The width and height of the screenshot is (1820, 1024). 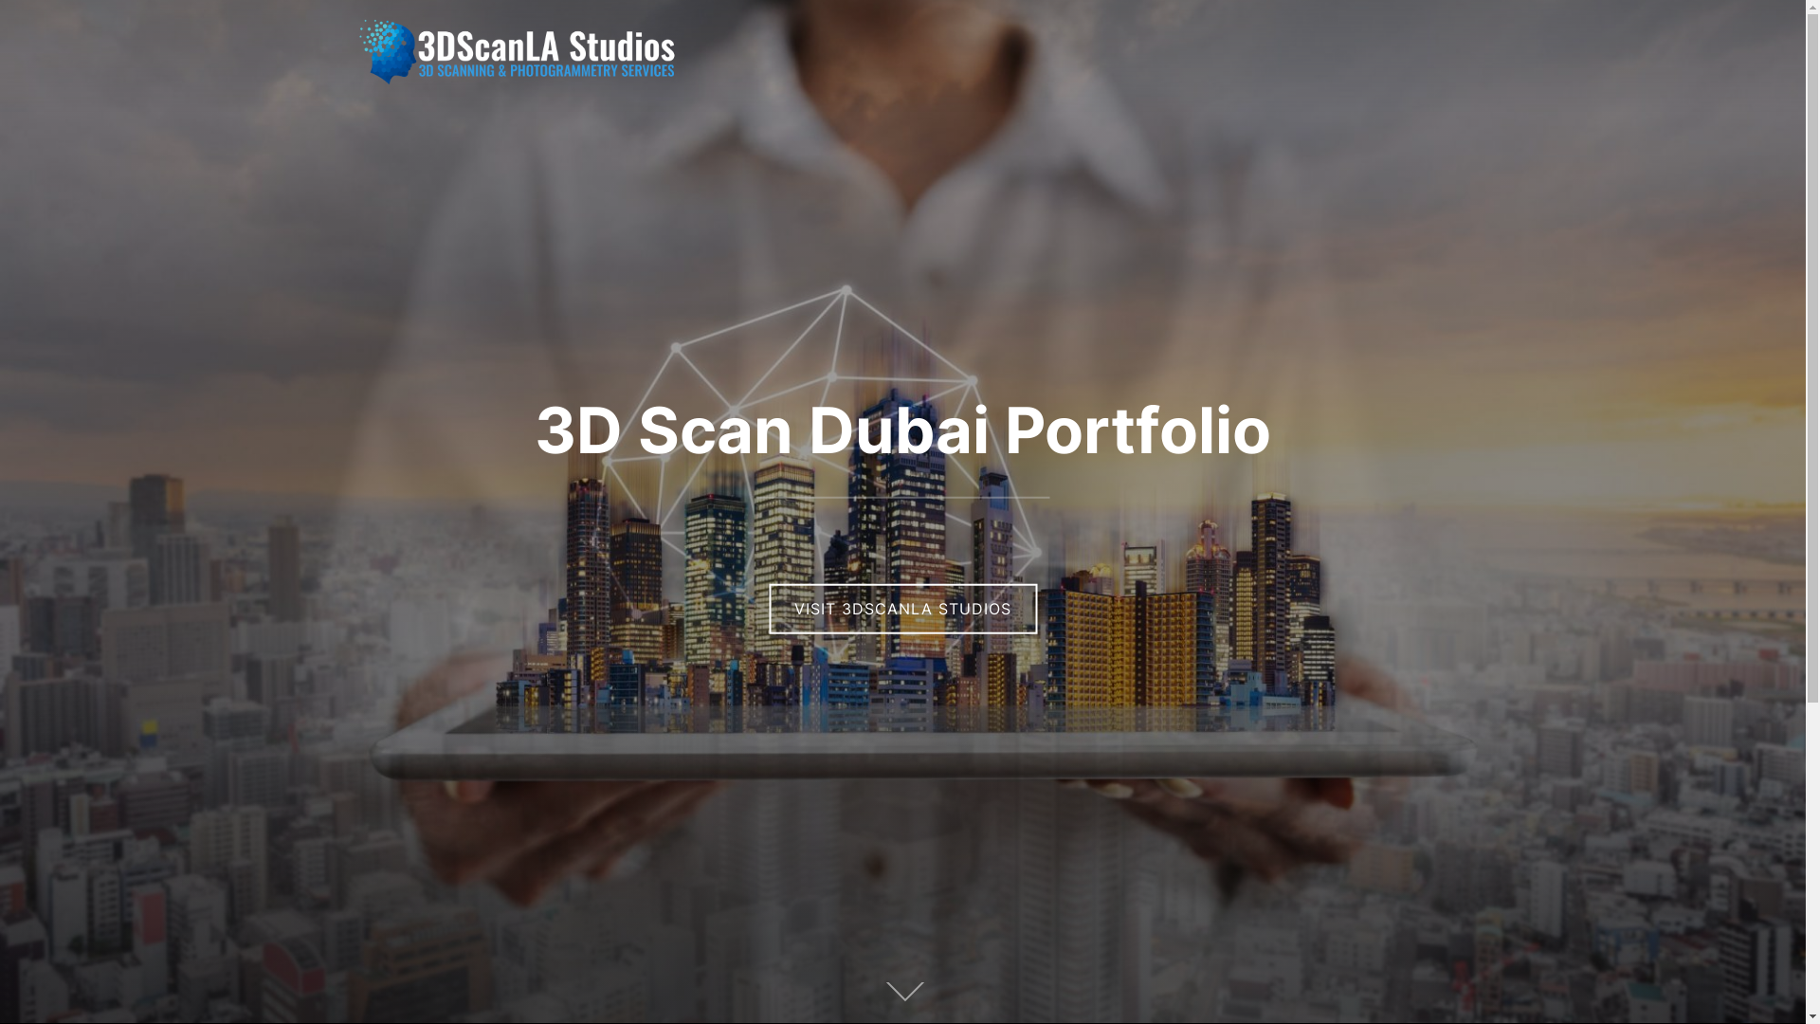 What do you see at coordinates (901, 608) in the screenshot?
I see `'VISIT 3DSCANLA STUDIOS'` at bounding box center [901, 608].